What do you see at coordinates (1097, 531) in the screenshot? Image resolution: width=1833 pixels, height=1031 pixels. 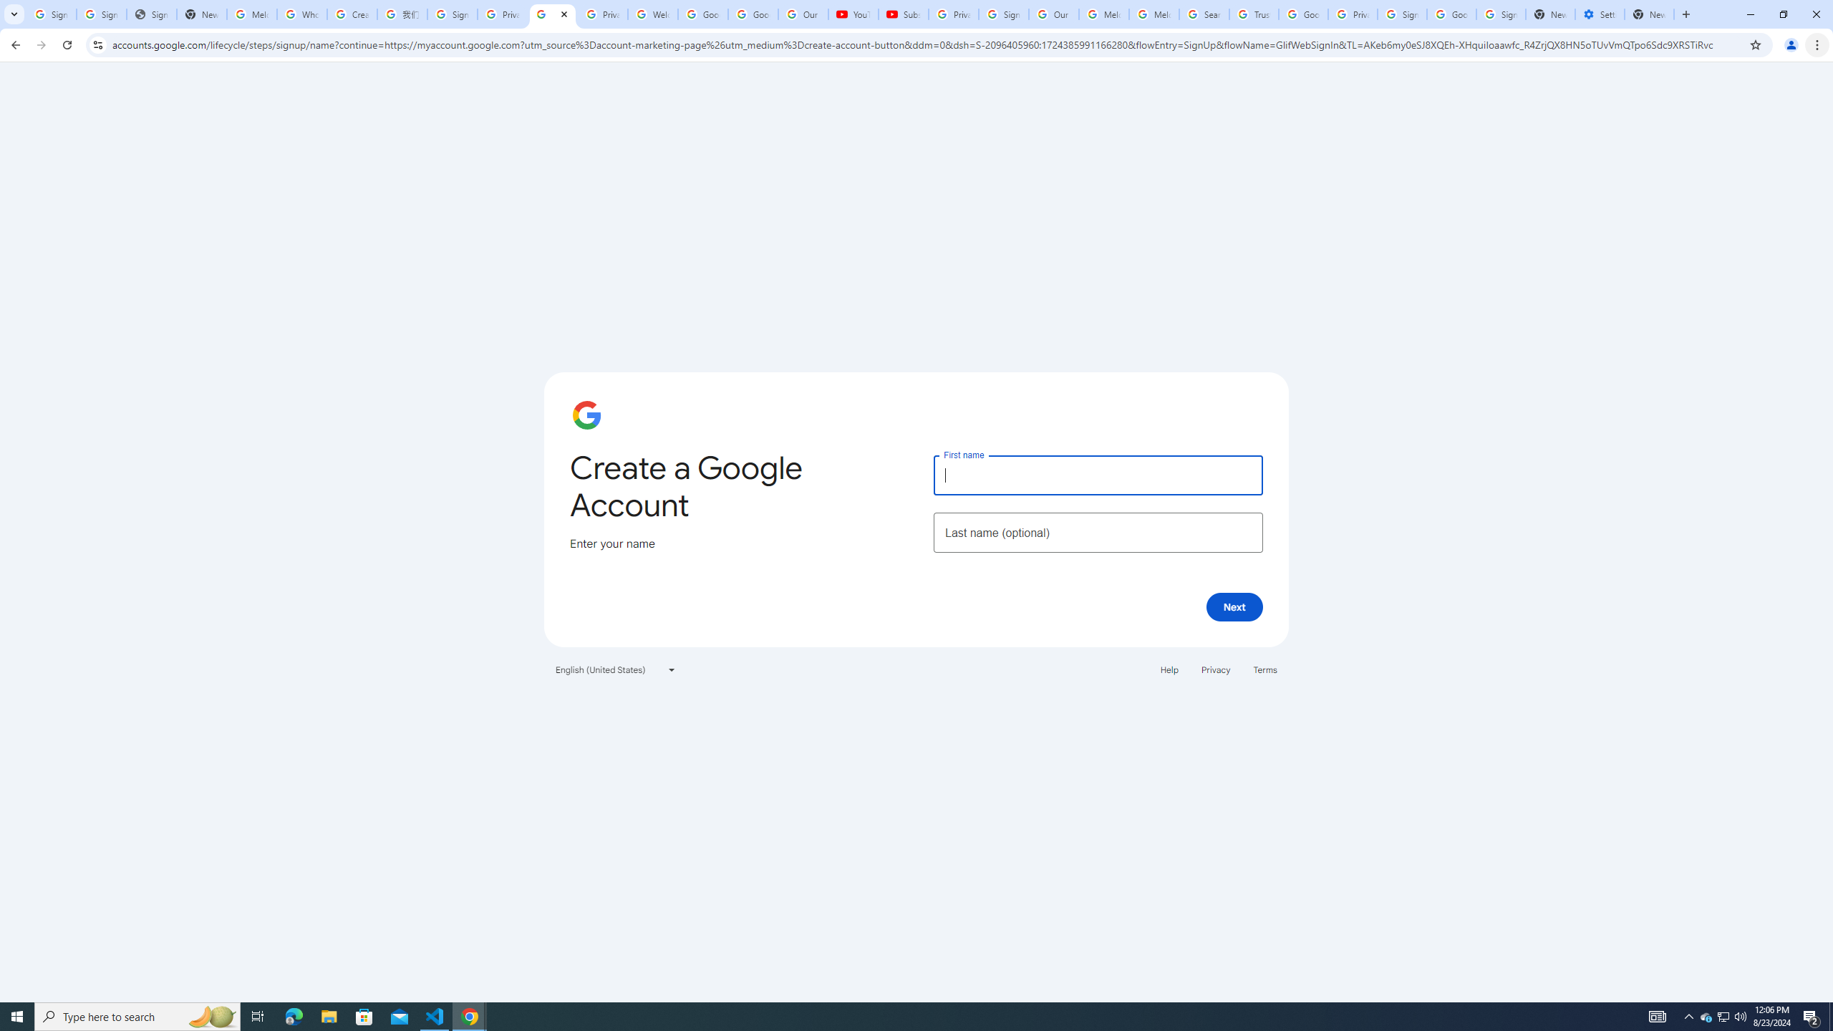 I see `'Last name (optional)'` at bounding box center [1097, 531].